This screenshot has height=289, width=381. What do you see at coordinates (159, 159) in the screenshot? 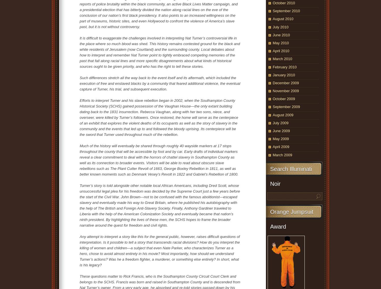
I see `'Much of the history will eventually be shared through roughly 40 wayside markers at 17 stops throughout the county that will be accessible by foot and by car. Early drafts of individual markers reveal a clear commitment to deal with the horrors of chattel slavery in Southampton County as well as its connection to broader events. Visitors will be able to read about obscure slave rebellions such as The Plant Cutter Revolt of 1663, George Boxley Rebellion in 1811, as well as better known moments such as Denmark Vesey’s Revolt in 1822 and Gabriel’s Rebellion of 1800.'` at bounding box center [159, 159].